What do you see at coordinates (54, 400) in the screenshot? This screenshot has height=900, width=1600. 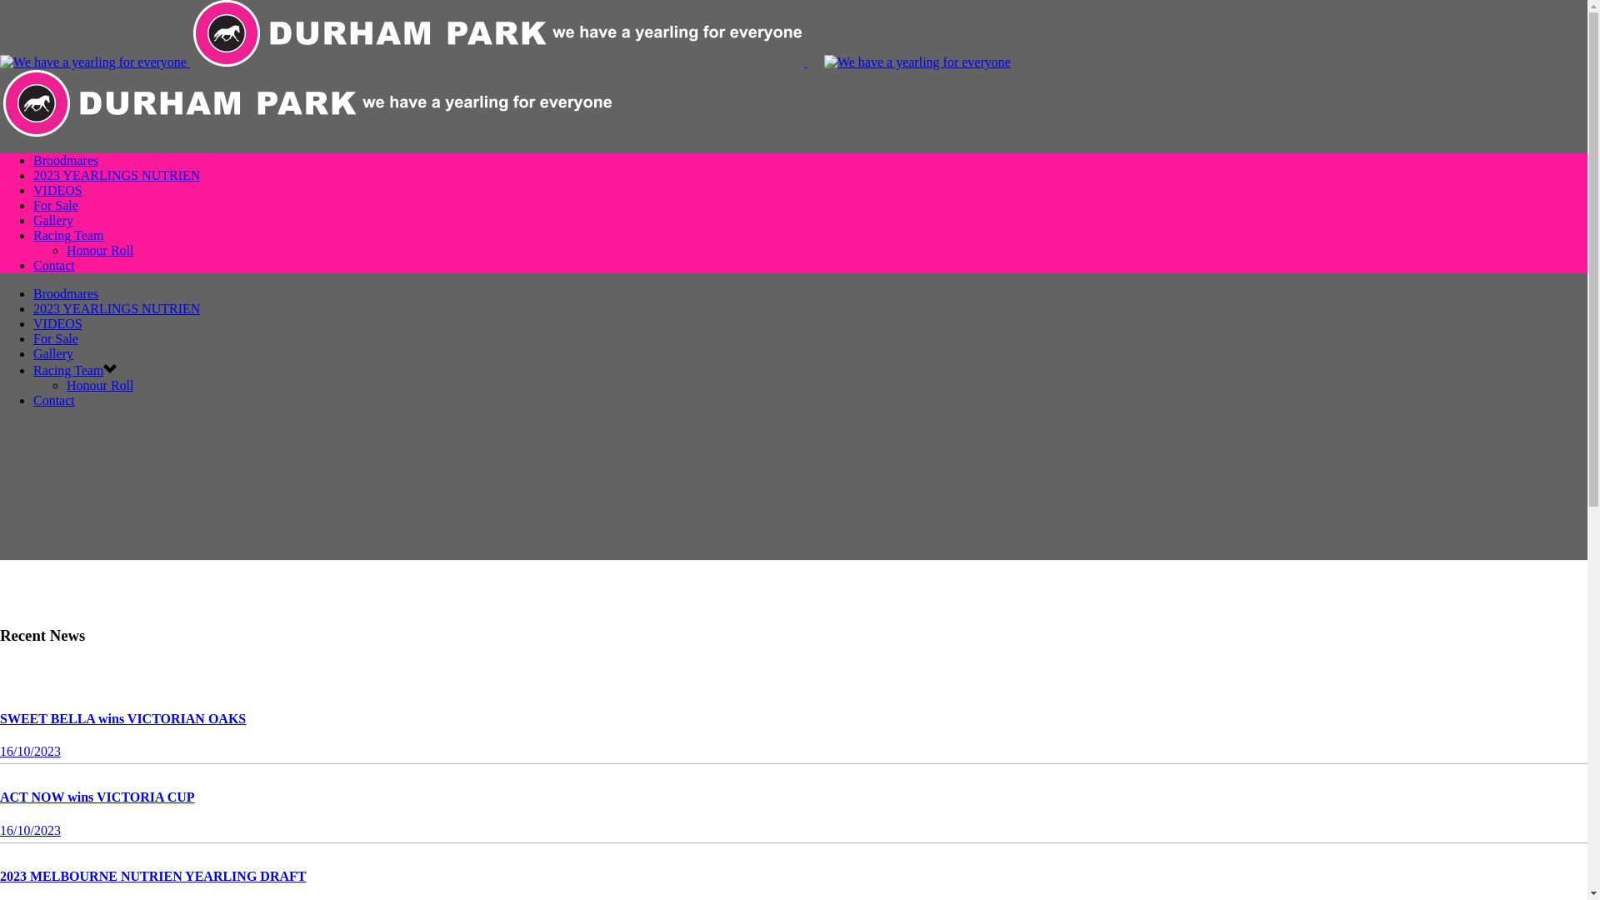 I see `'Contact'` at bounding box center [54, 400].